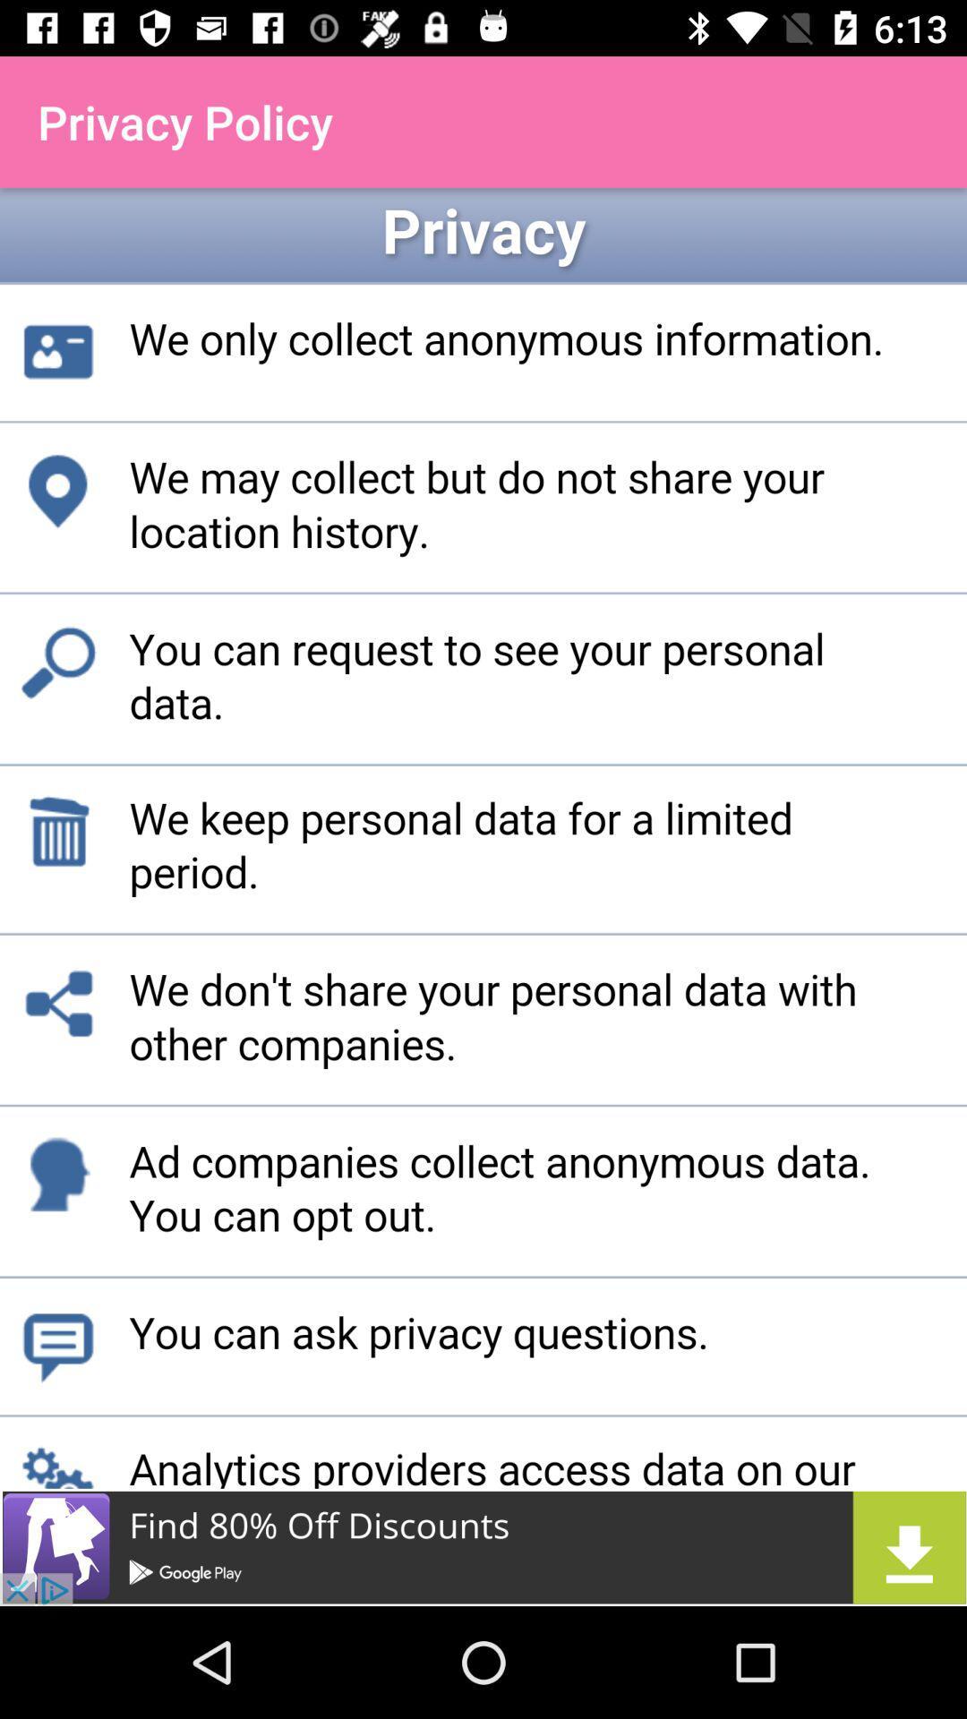 This screenshot has width=967, height=1719. I want to click on open advertisement, so click(483, 1546).